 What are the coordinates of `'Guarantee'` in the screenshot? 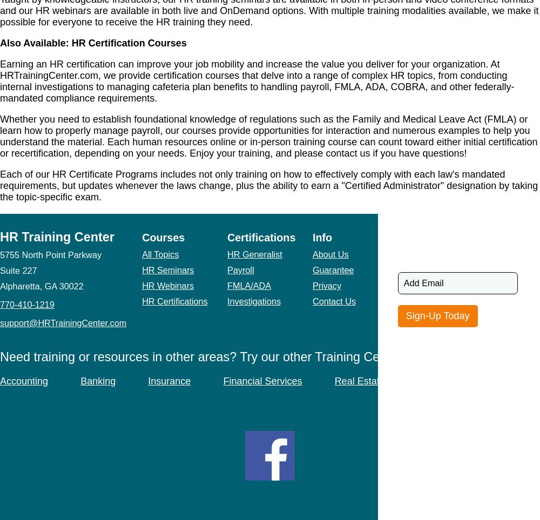 It's located at (312, 269).